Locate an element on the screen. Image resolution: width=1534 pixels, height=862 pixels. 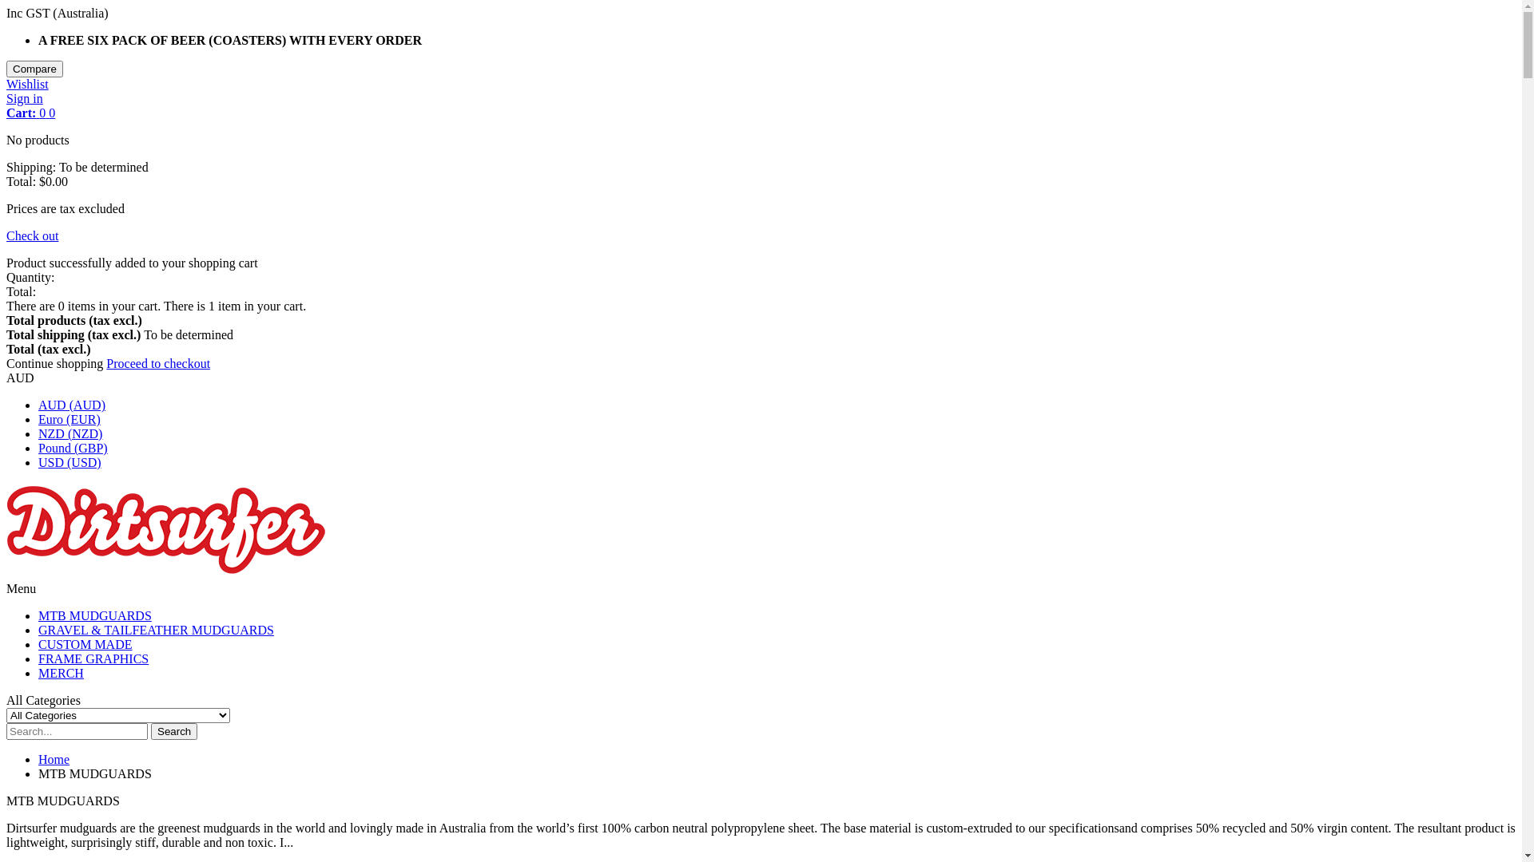
'MTB MUDGUARDS' is located at coordinates (94, 615).